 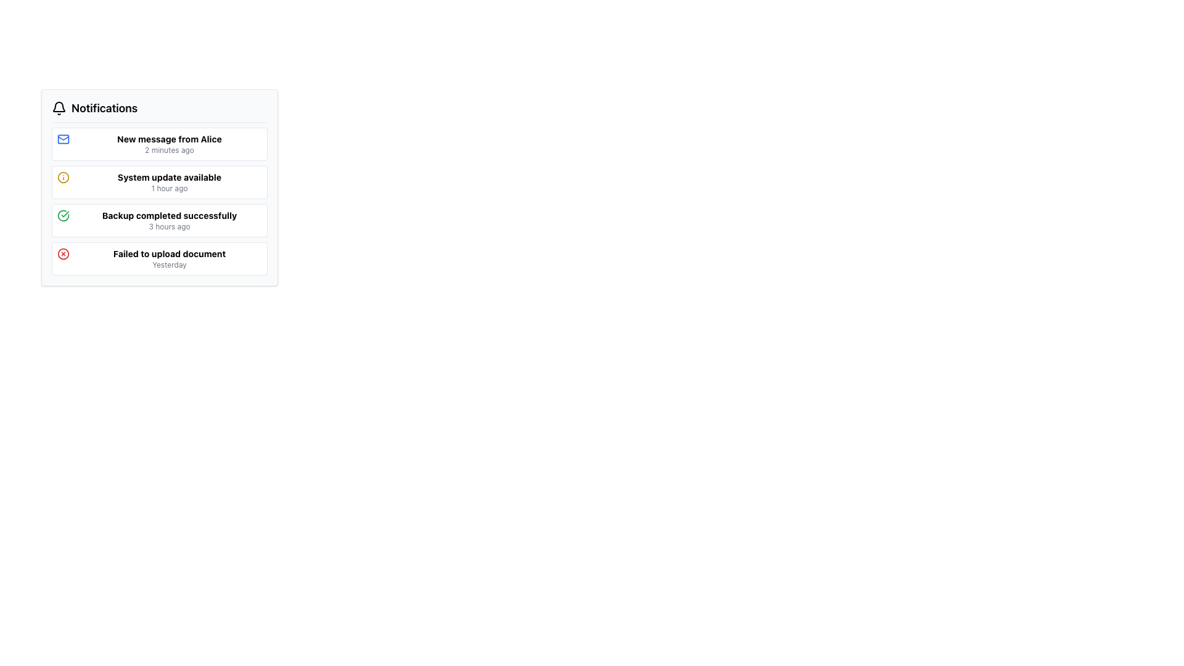 I want to click on information displayed in the text label that reads '1 hour ago', which is styled with an extra-small font size and gray color, located below the 'System update available' label in the notification list, so click(x=168, y=188).